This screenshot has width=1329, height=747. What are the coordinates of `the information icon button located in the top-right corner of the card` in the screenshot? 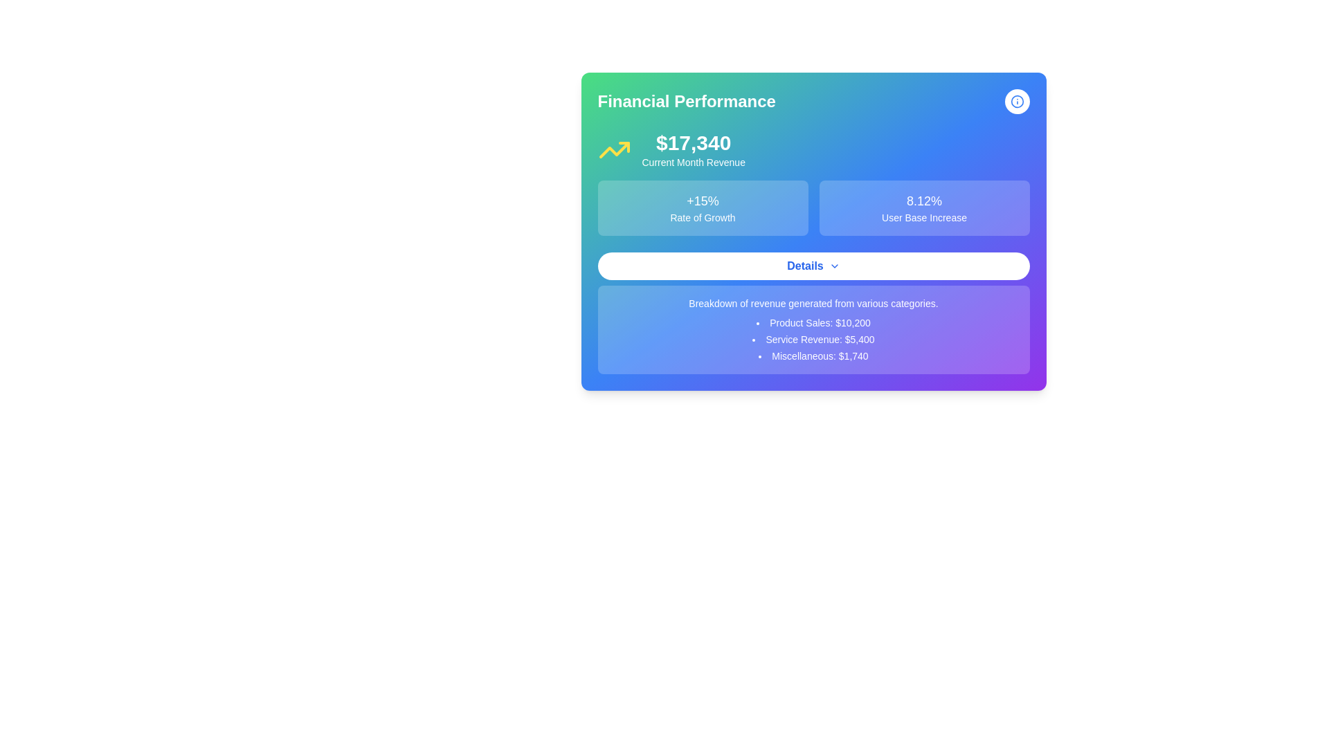 It's located at (1017, 100).